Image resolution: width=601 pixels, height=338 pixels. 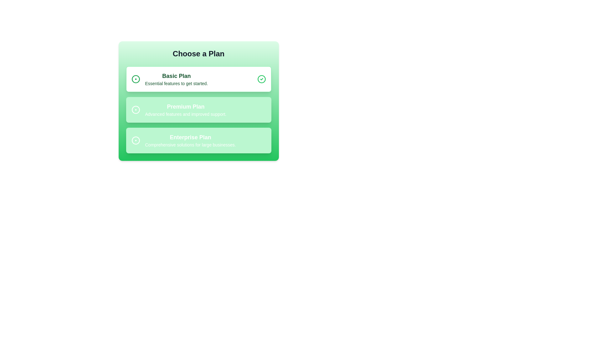 I want to click on the text element displaying 'Comprehensive solutions for large businesses.' which is located directly below the 'Enterprise Plan' title, so click(x=190, y=145).